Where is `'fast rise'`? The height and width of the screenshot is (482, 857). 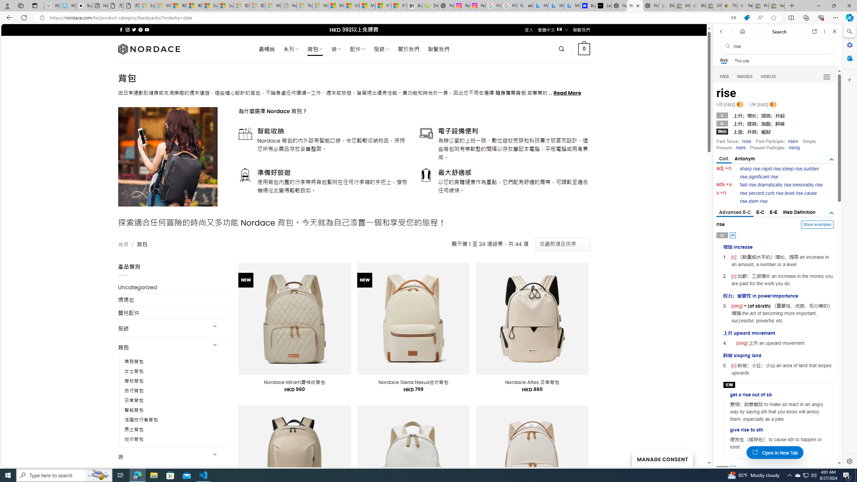
'fast rise' is located at coordinates (748, 184).